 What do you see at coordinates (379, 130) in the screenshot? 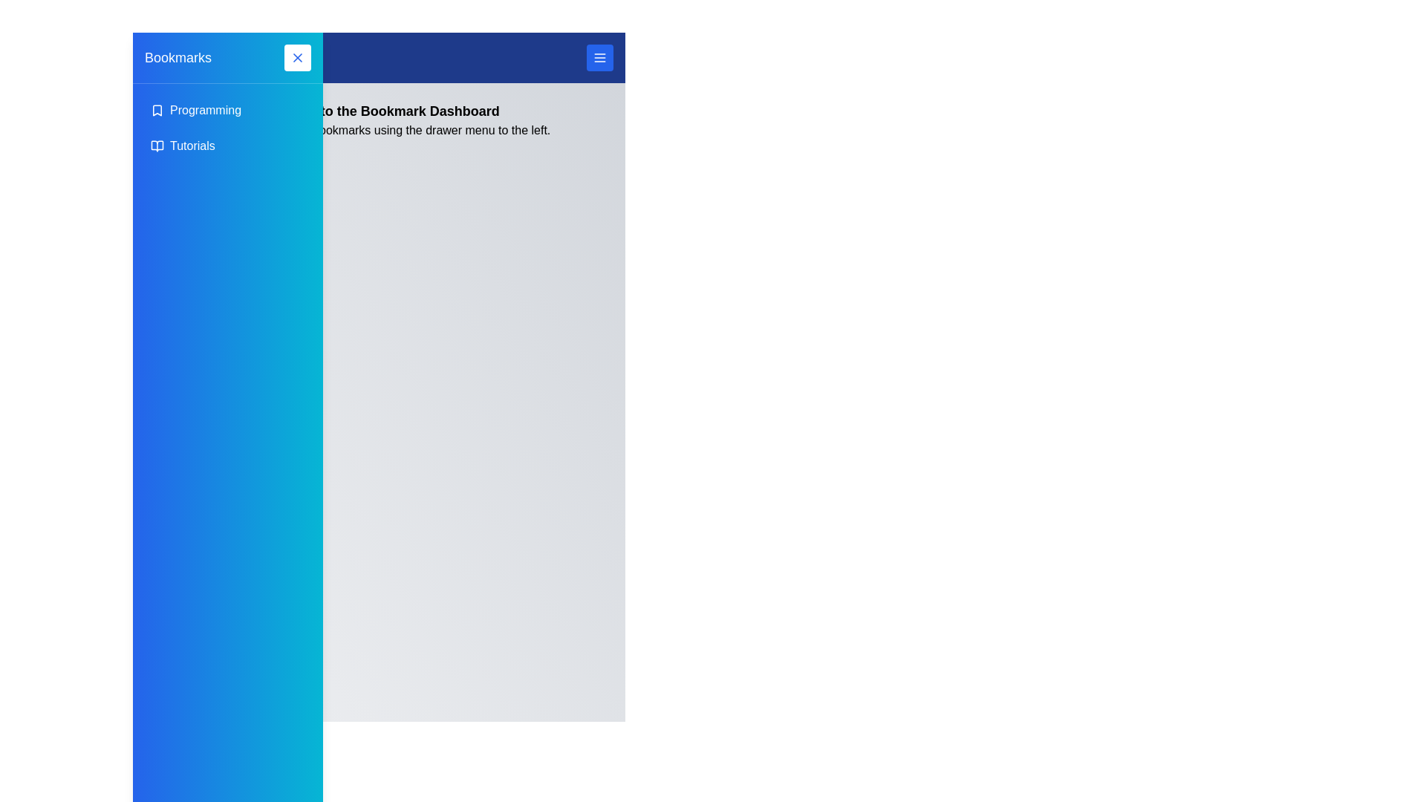
I see `the static text element that reads 'Explore your saved bookmarks using the drawer menu to the left.', located below the heading 'Welcome to the Bookmark Dashboard'` at bounding box center [379, 130].